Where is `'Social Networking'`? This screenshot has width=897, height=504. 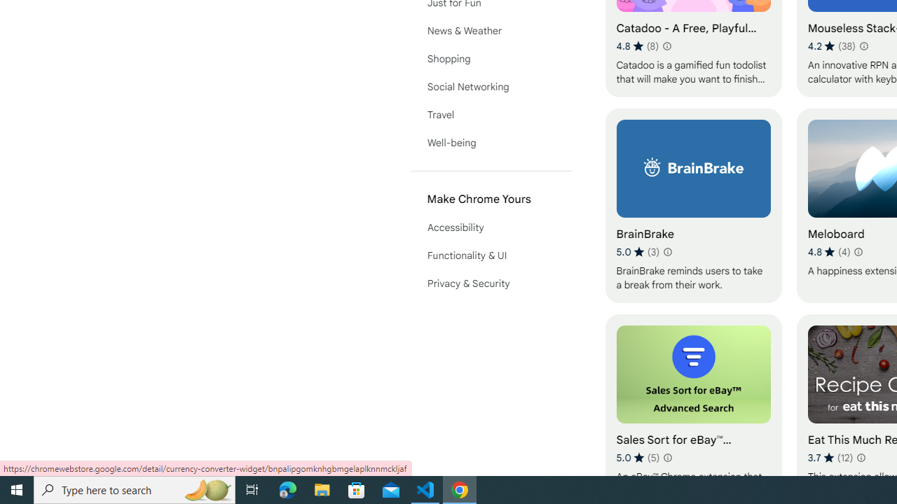 'Social Networking' is located at coordinates (491, 86).